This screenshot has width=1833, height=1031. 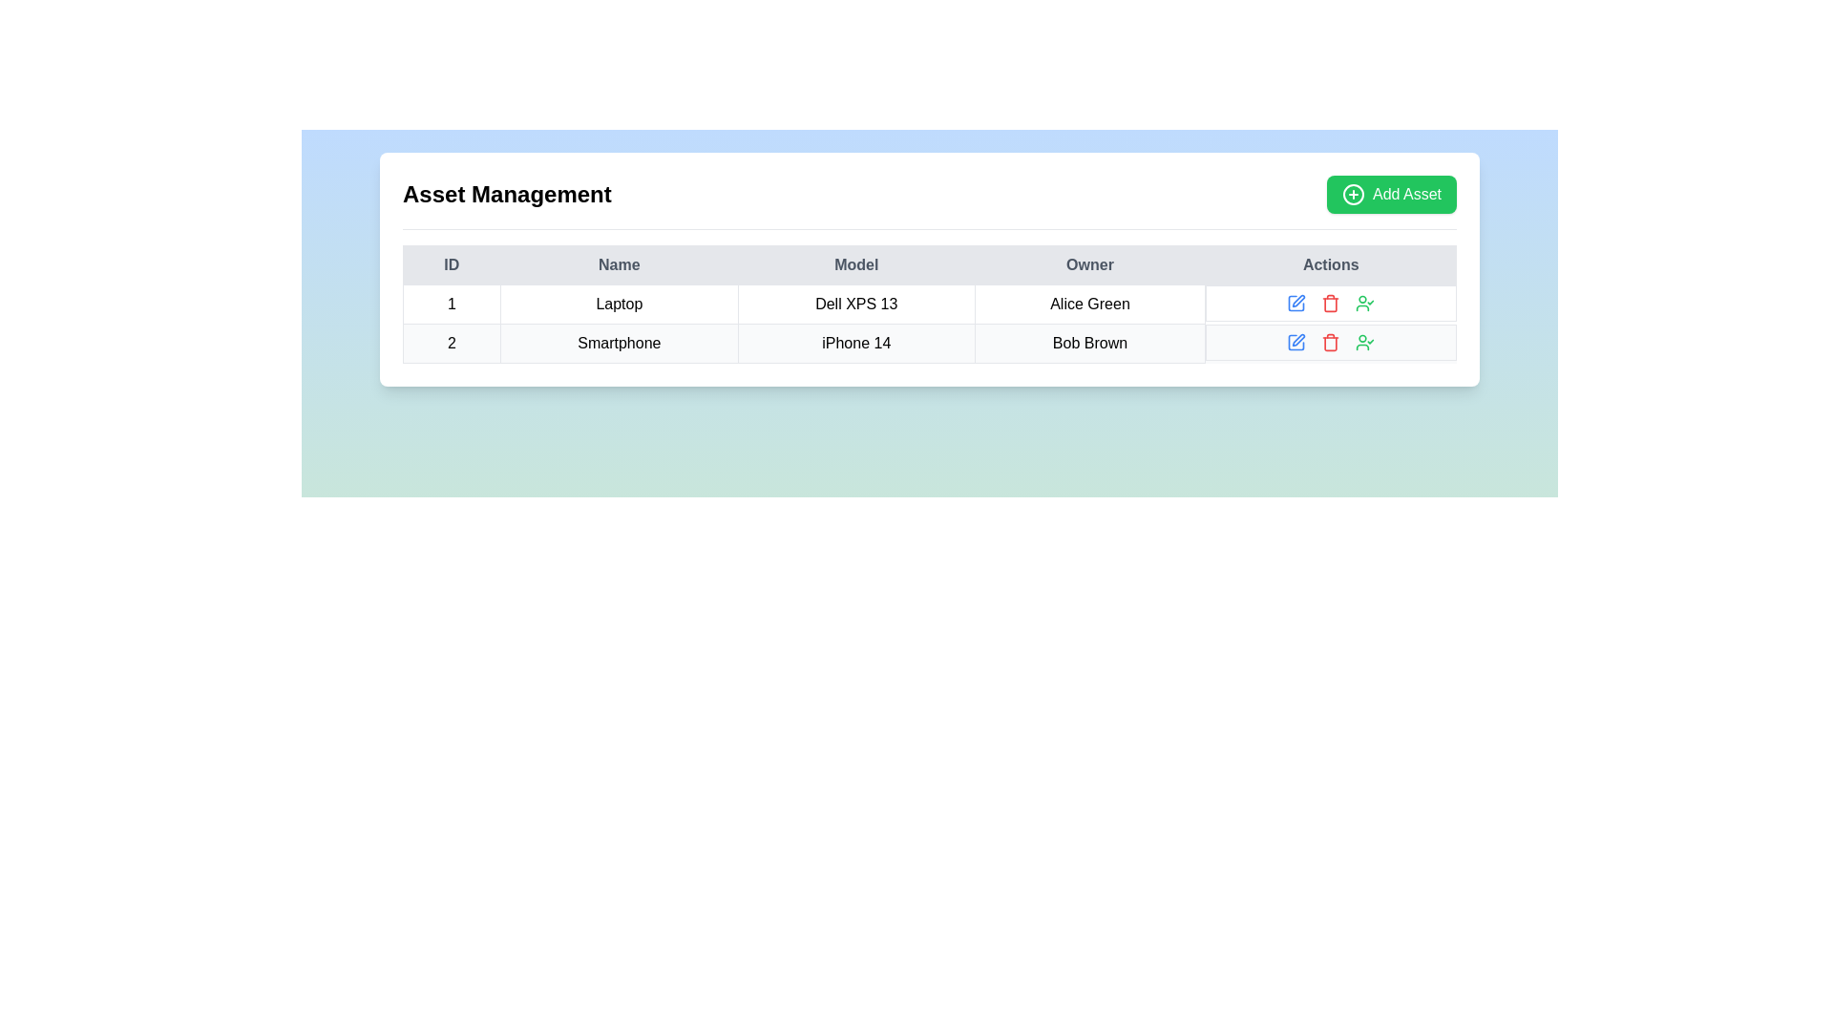 I want to click on the second row of the 'Asset Management' table which displays details for the asset with ID: 2 (Smartphone, Model: iPhone 14, Owner: Bob Brown) to view more details, so click(x=930, y=342).